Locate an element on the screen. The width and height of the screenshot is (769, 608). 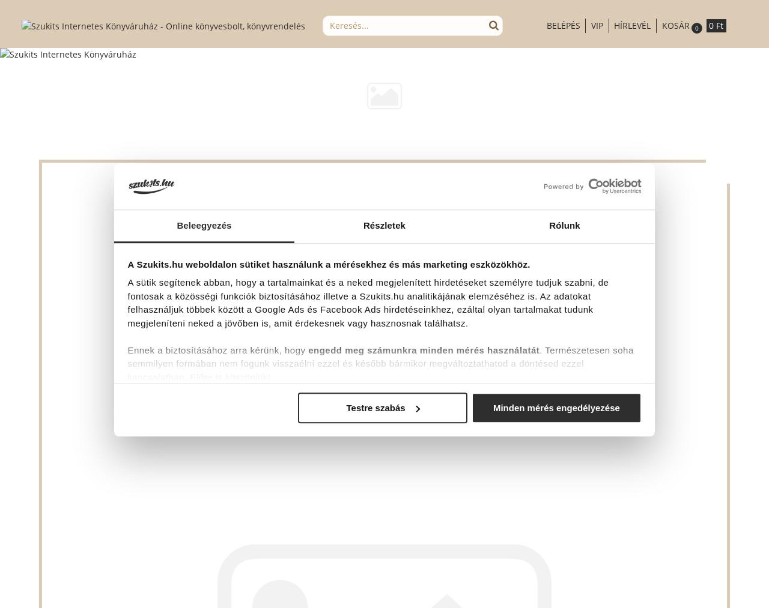
'A Szukits.hu weboldalon sütiket használunk a mérésekhez és más marketing eszközökhöz.' is located at coordinates (328, 263).